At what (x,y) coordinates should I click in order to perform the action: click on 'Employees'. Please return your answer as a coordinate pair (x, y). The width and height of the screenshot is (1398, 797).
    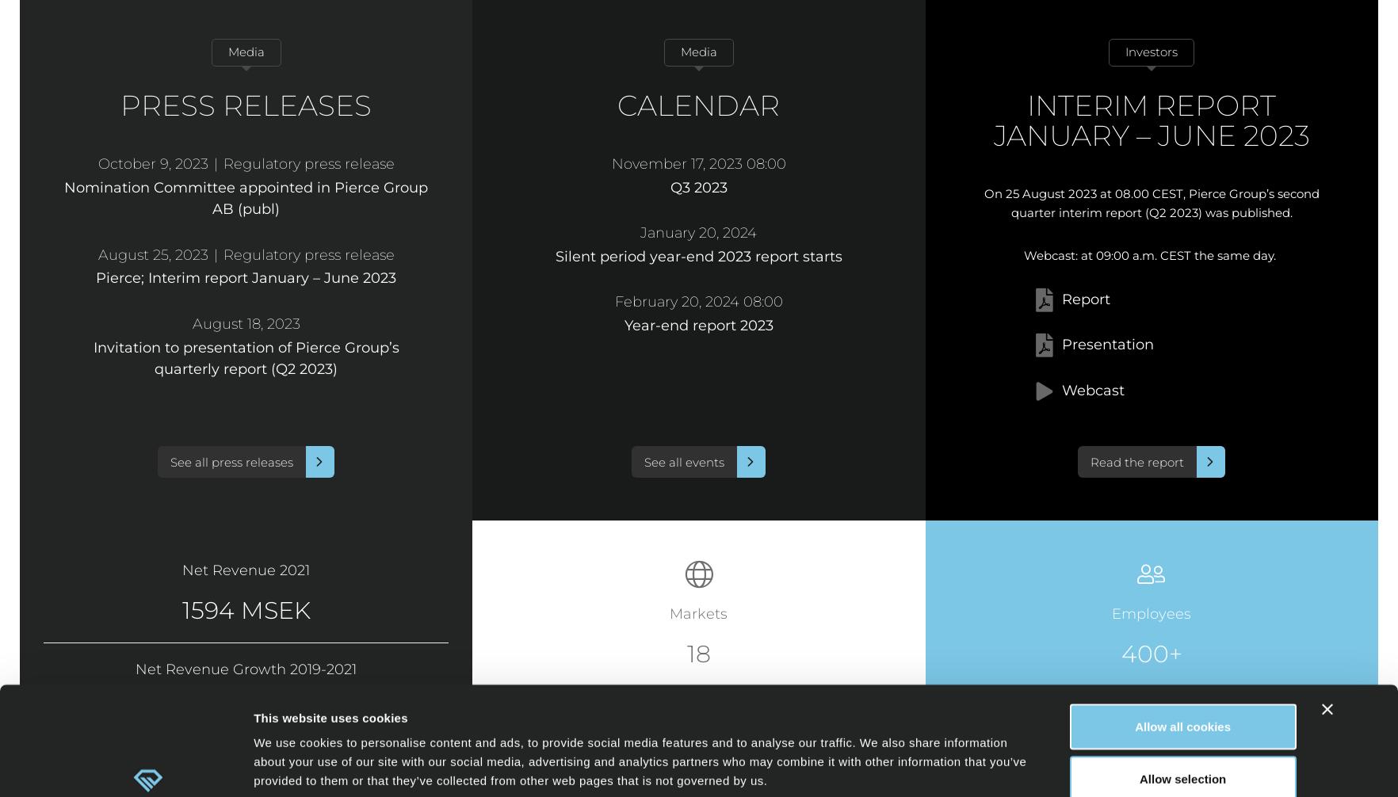
    Looking at the image, I should click on (1152, 613).